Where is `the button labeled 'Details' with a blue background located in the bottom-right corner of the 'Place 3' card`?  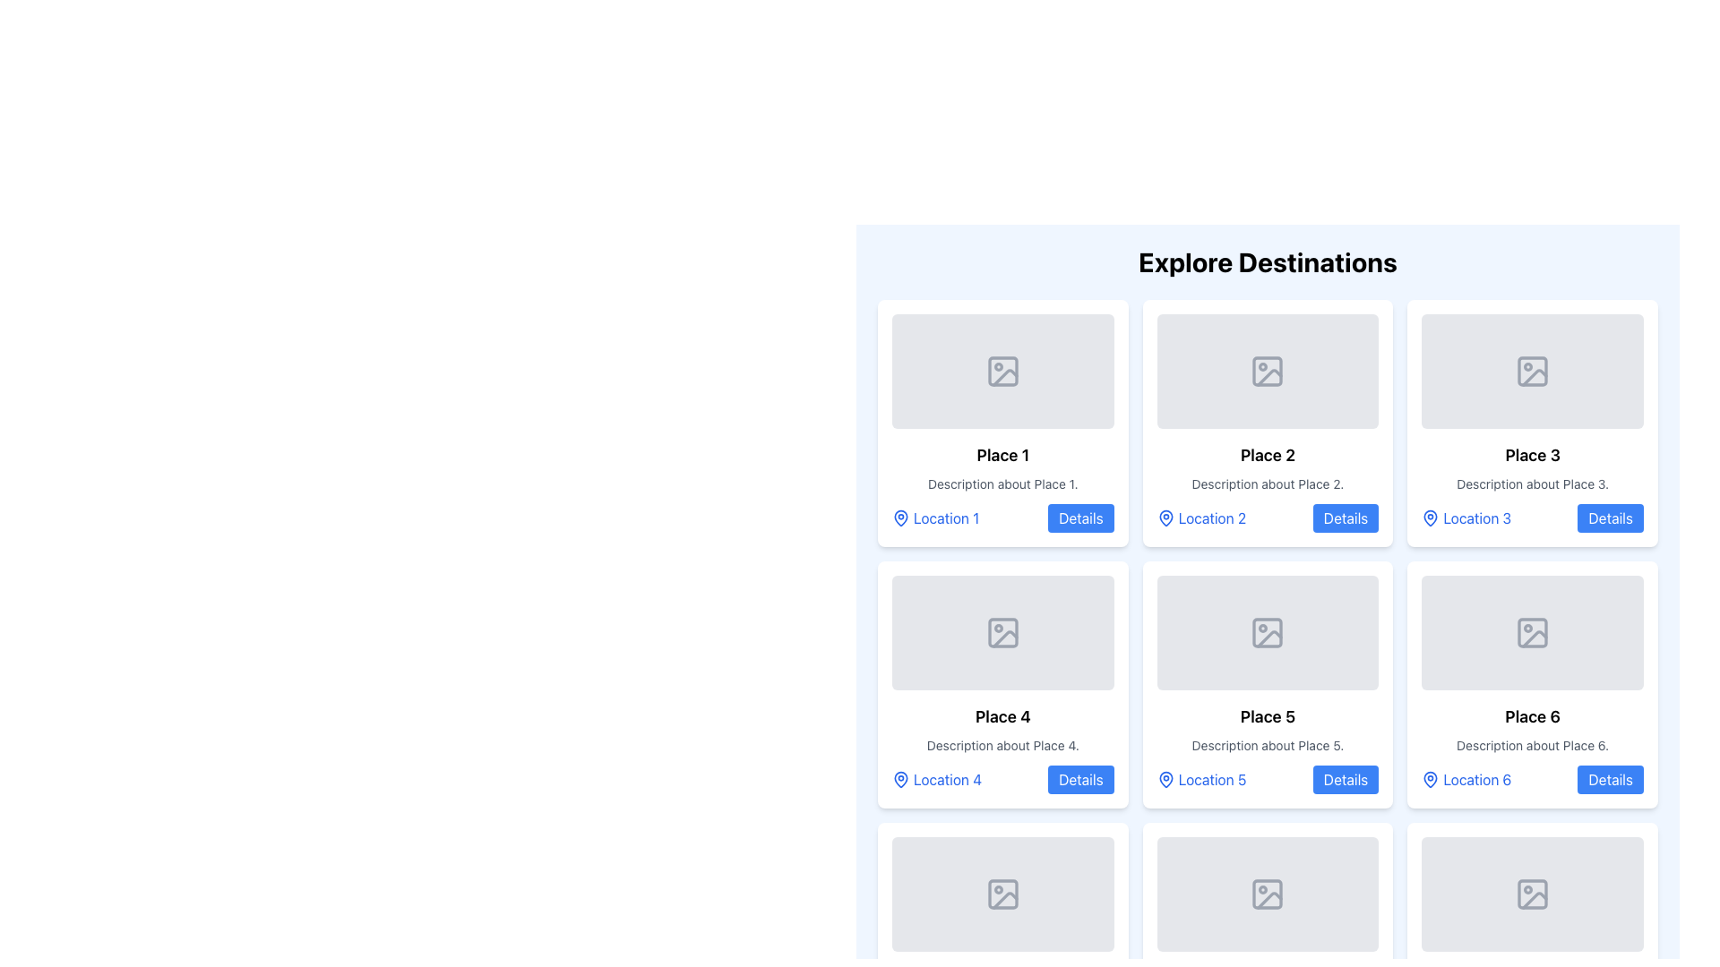 the button labeled 'Details' with a blue background located in the bottom-right corner of the 'Place 3' card is located at coordinates (1611, 518).